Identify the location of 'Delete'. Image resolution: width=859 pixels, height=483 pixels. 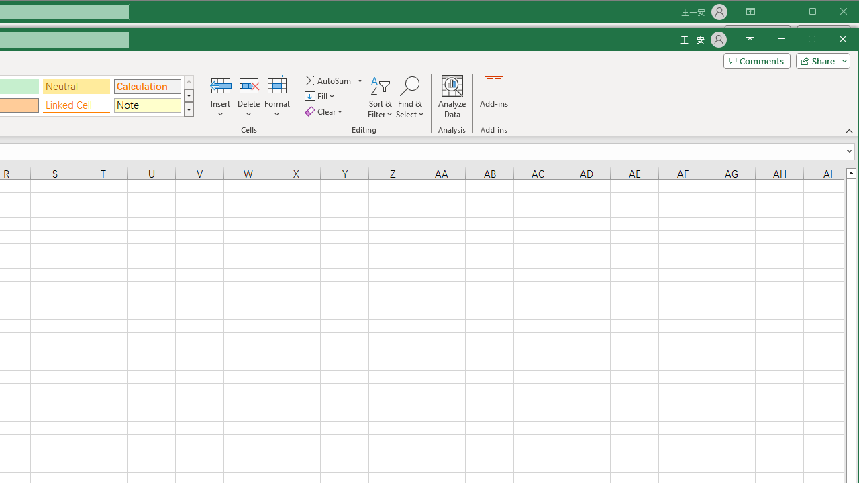
(248, 97).